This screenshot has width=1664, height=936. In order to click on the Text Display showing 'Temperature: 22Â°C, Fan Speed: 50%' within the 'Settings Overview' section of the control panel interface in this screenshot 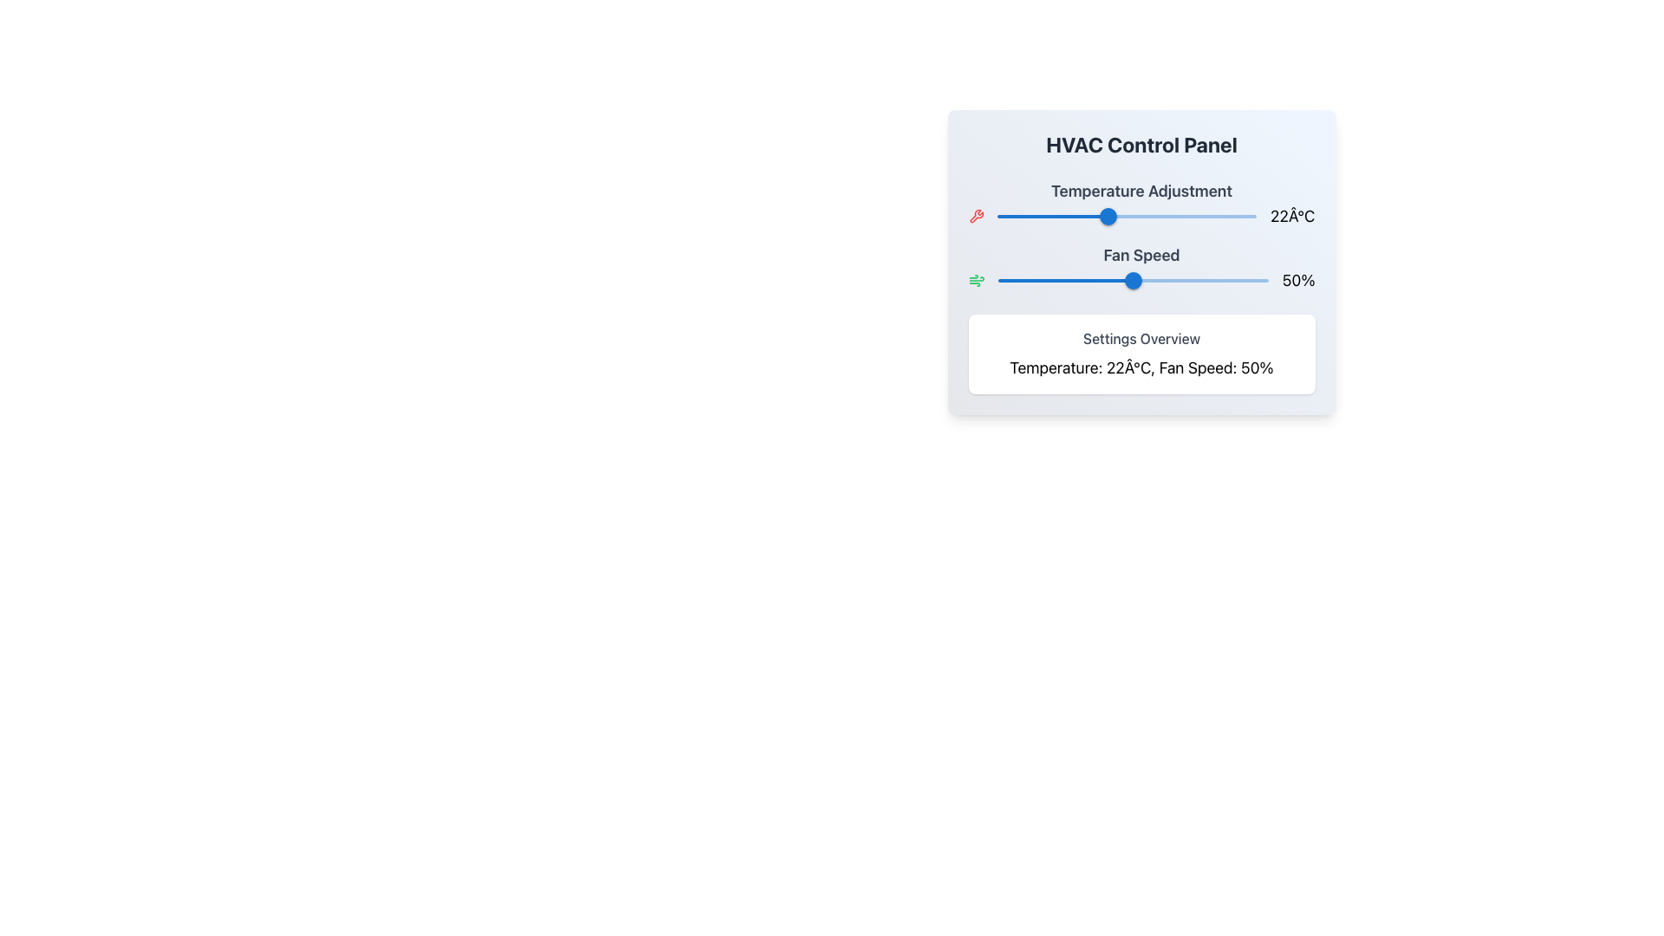, I will do `click(1141, 367)`.